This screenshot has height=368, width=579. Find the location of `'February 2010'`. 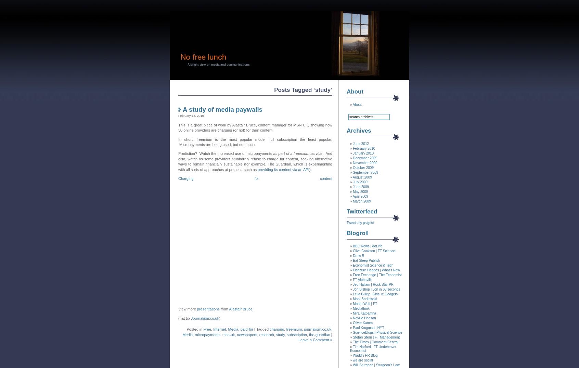

'February 2010' is located at coordinates (364, 148).